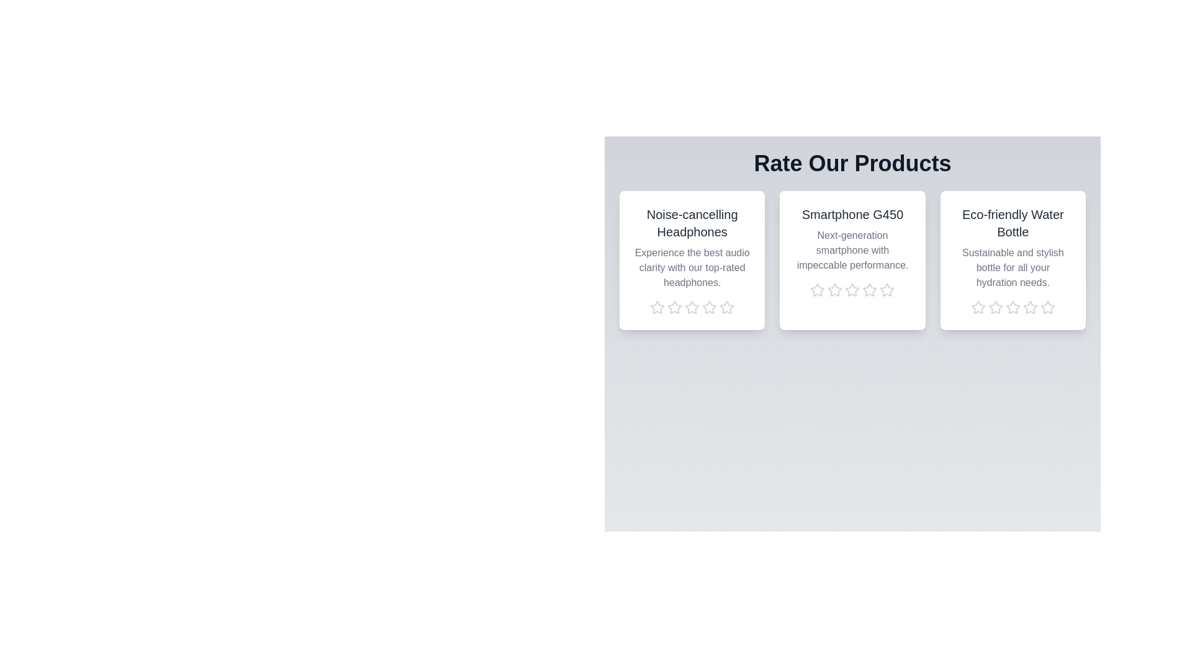 The width and height of the screenshot is (1192, 670). Describe the element at coordinates (1013, 260) in the screenshot. I see `the product card for Eco-friendly Water Bottle` at that location.